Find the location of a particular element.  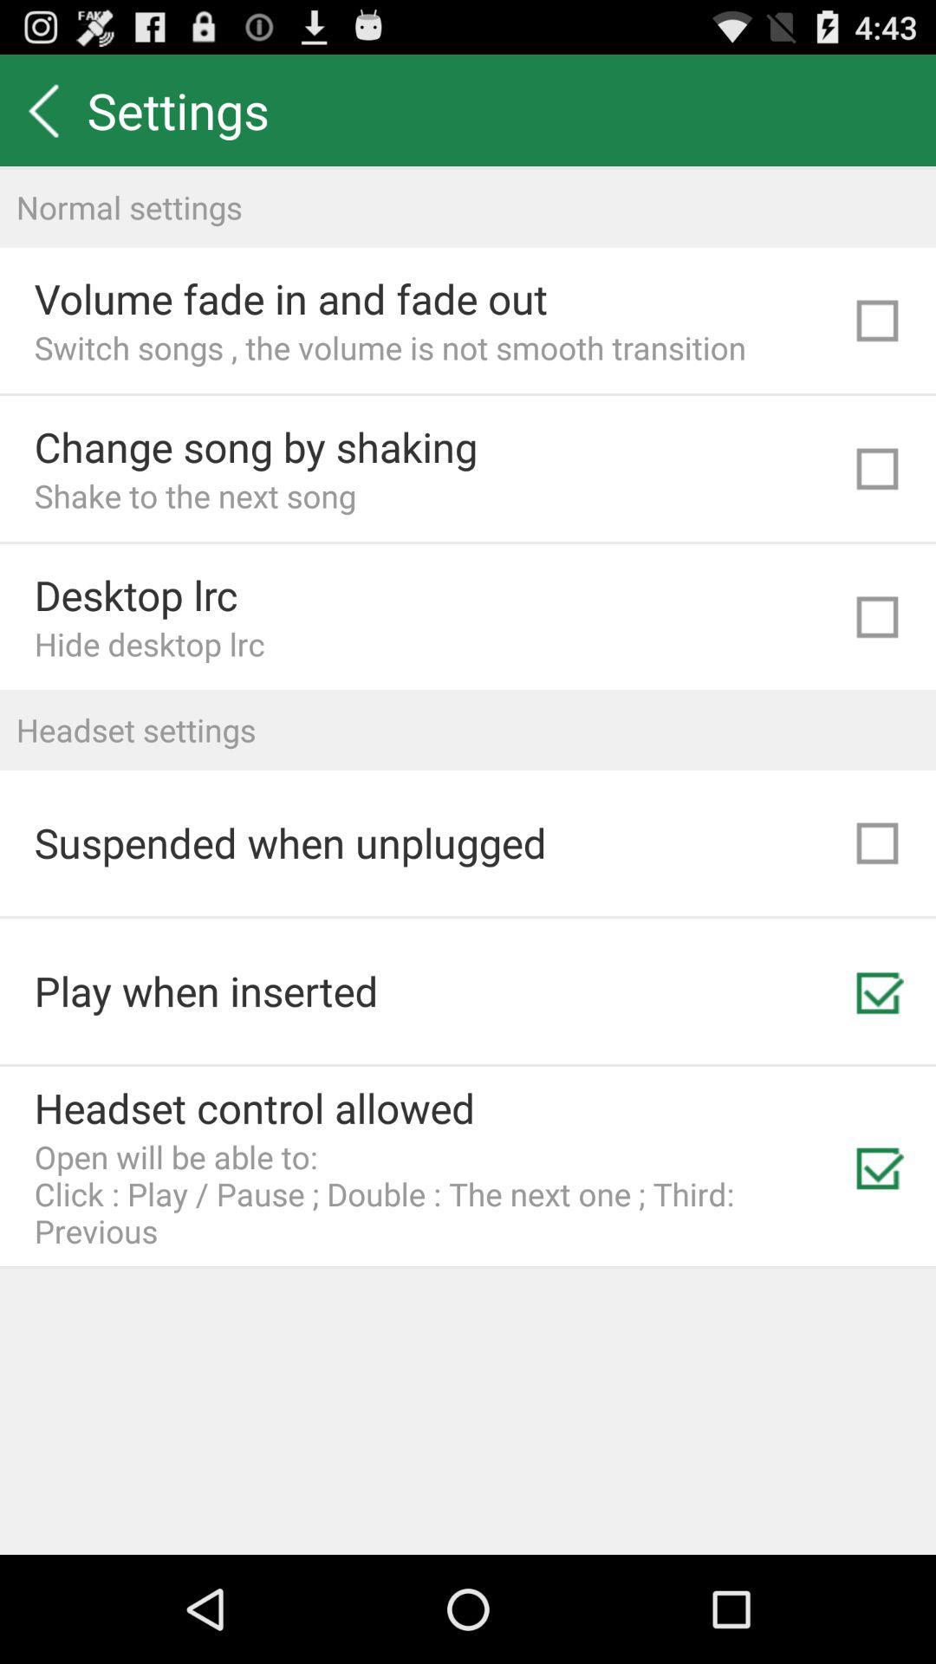

the icon above suspended when unplugged icon is located at coordinates (468, 730).